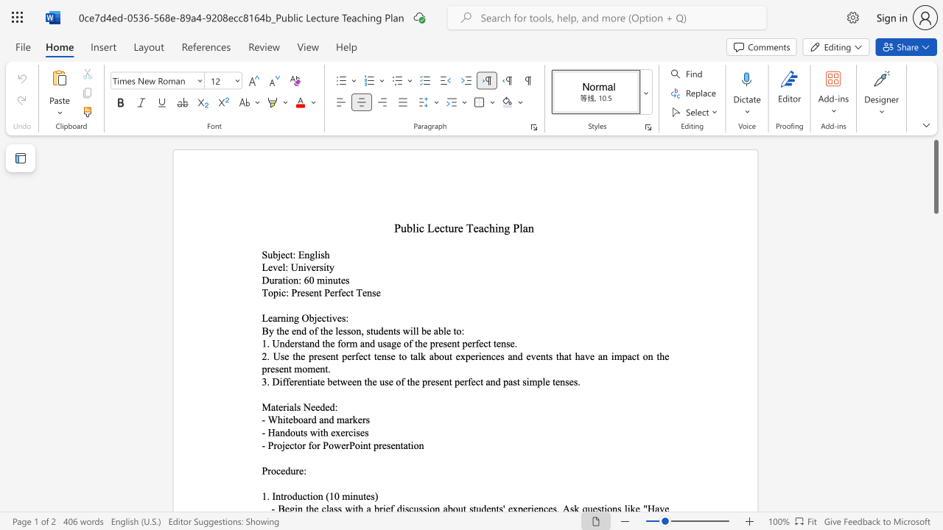  What do you see at coordinates (935, 397) in the screenshot?
I see `the scrollbar on the right to move the page downward` at bounding box center [935, 397].